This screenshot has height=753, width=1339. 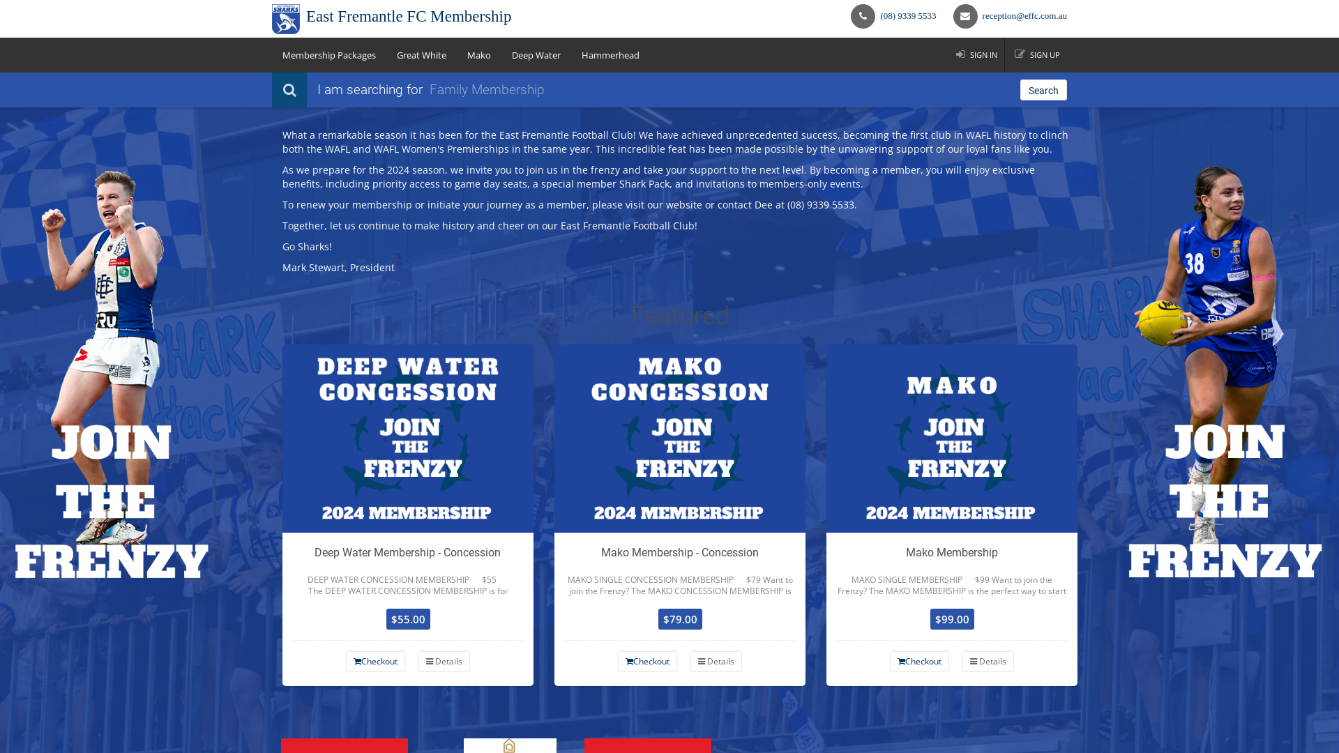 What do you see at coordinates (907, 15) in the screenshot?
I see `'(08) 9339 5533'` at bounding box center [907, 15].